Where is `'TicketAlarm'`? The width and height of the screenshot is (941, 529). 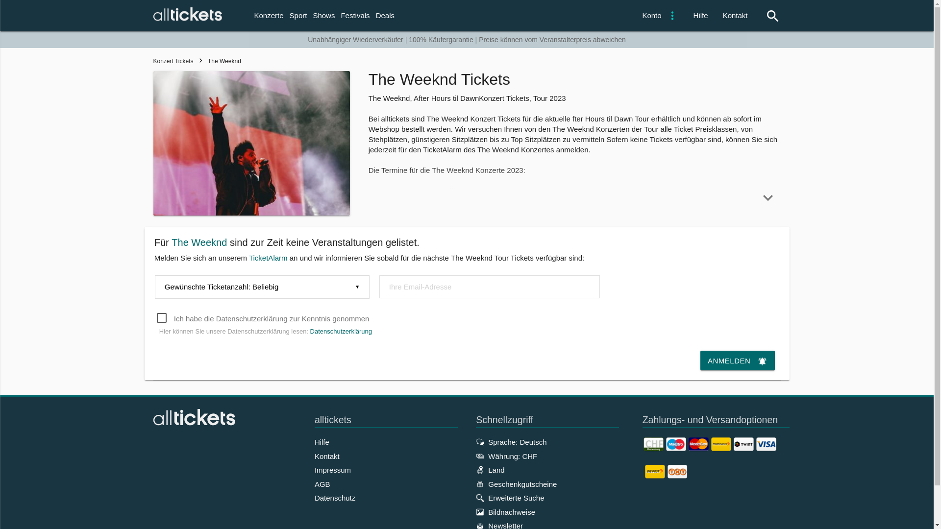
'TicketAlarm' is located at coordinates (268, 257).